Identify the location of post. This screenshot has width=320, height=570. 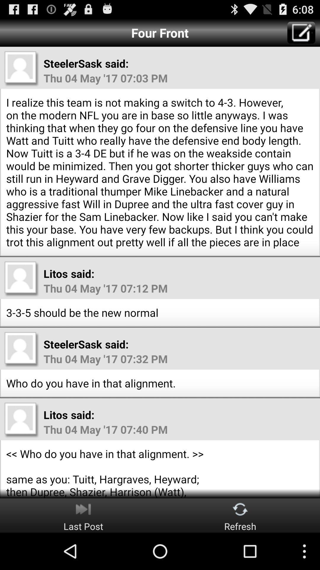
(301, 32).